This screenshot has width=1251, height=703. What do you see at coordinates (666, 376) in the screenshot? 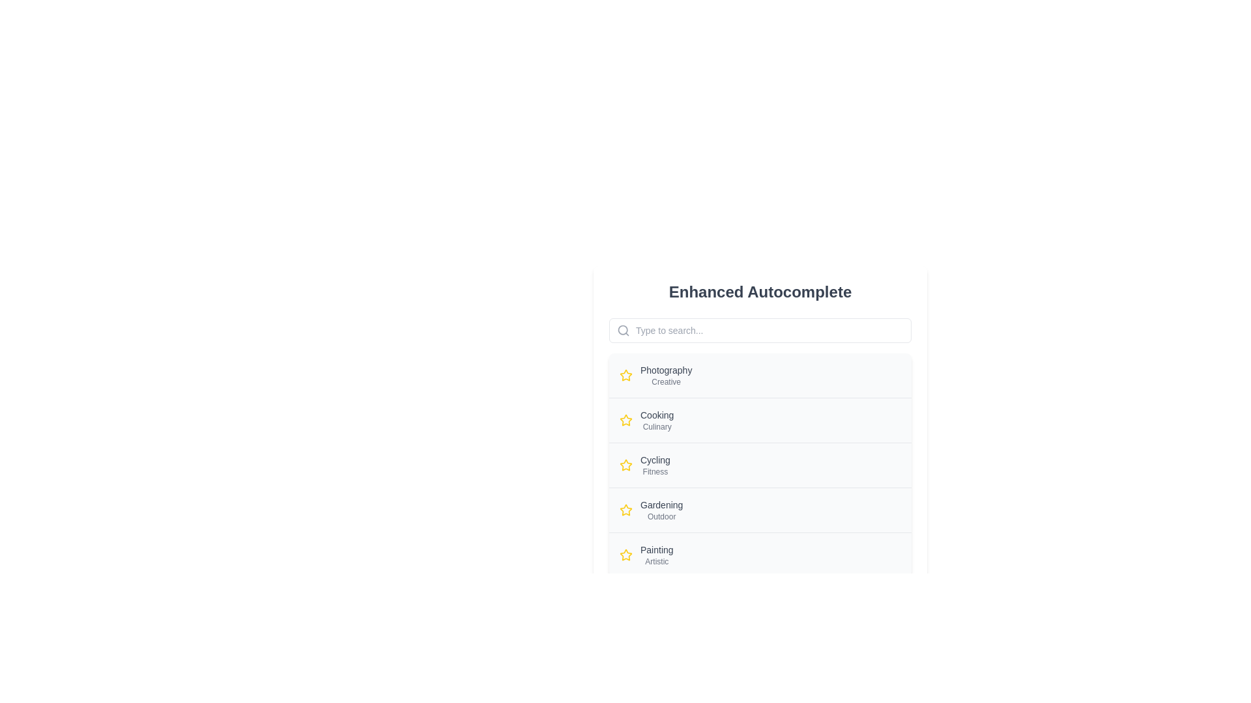
I see `text displayed in the Label with two text lines, which contains 'Photography' and 'Creative' positioned below a search bar and to the right of a yellow star-shaped icon` at bounding box center [666, 376].